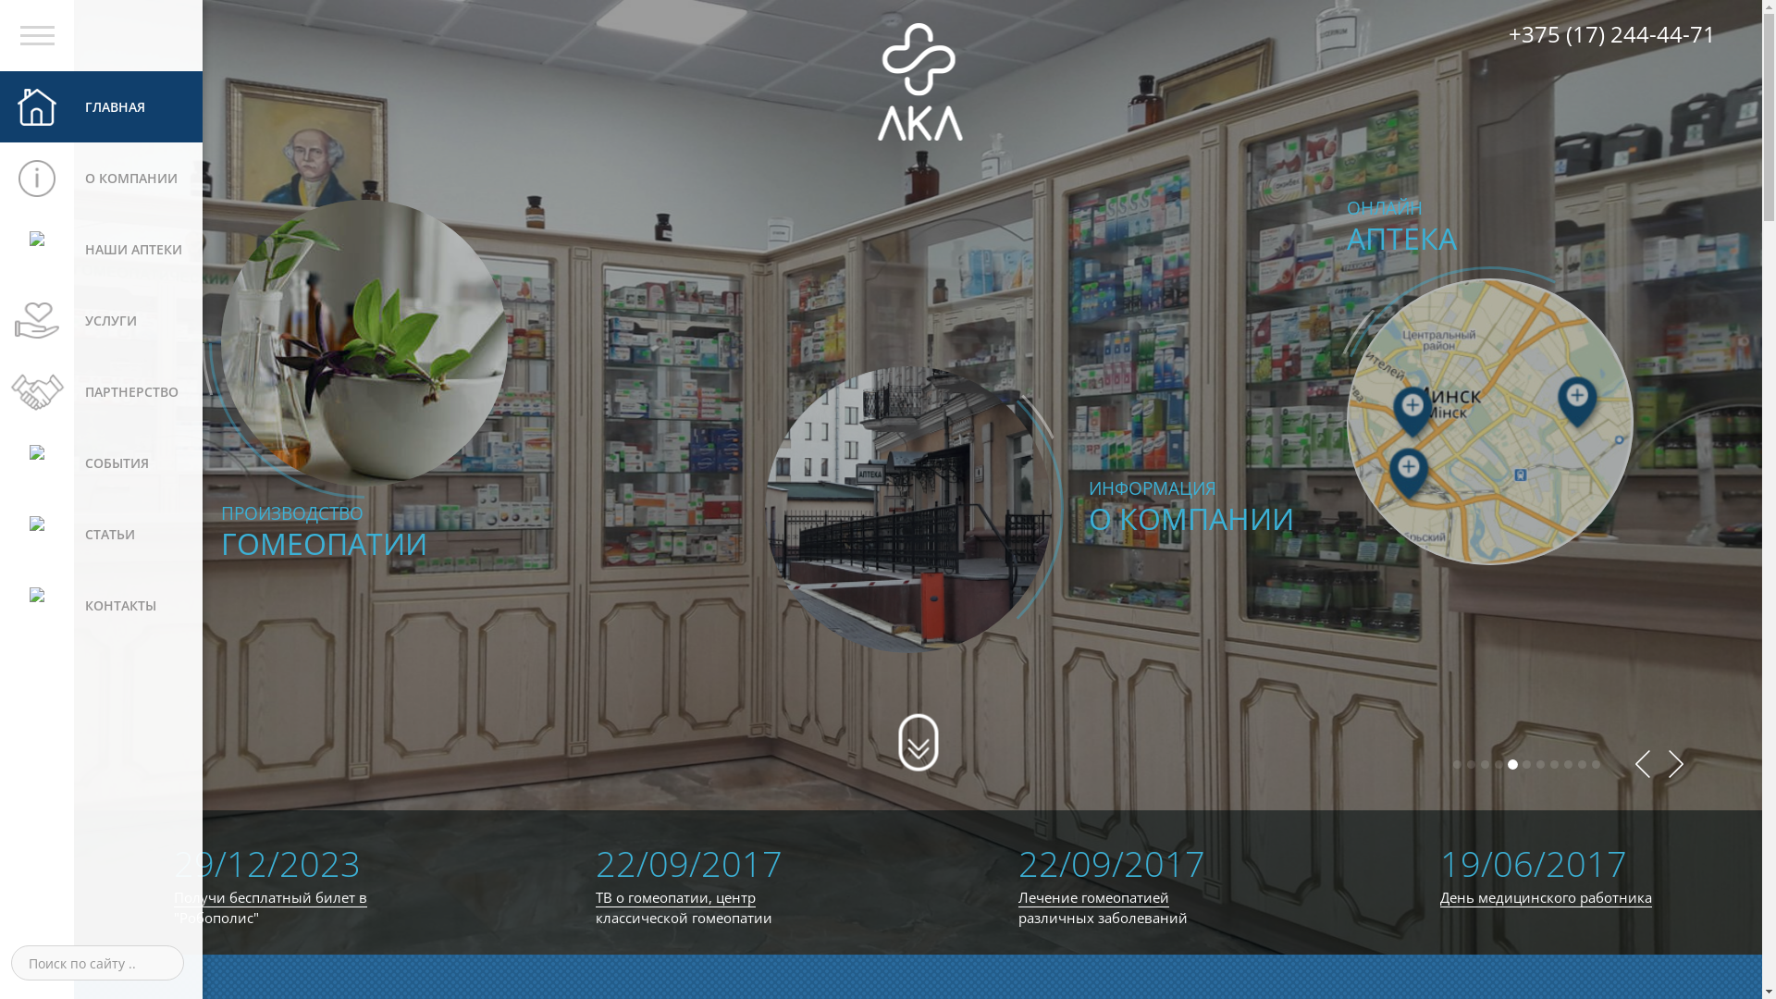 The height and width of the screenshot is (999, 1776). What do you see at coordinates (1554, 764) in the screenshot?
I see `'8'` at bounding box center [1554, 764].